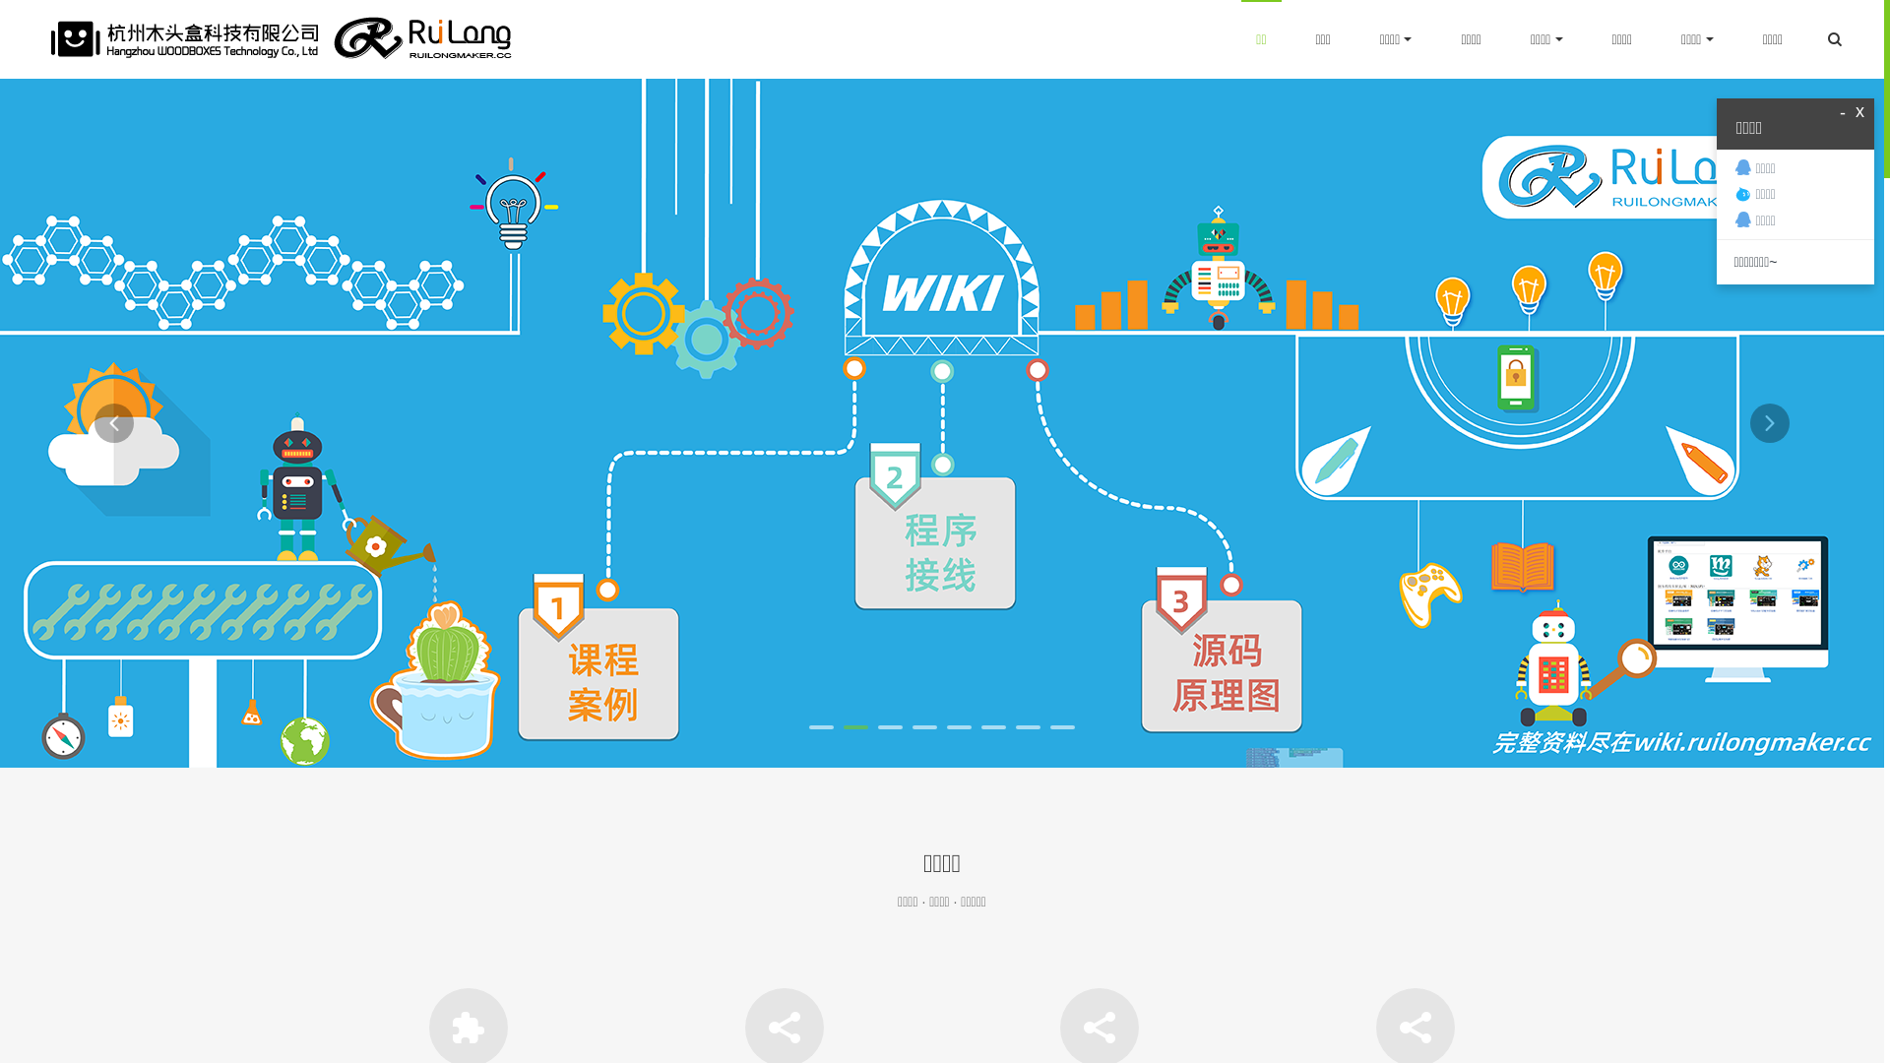 Image resolution: width=1890 pixels, height=1063 pixels. Describe the element at coordinates (1838, 113) in the screenshot. I see `'-'` at that location.